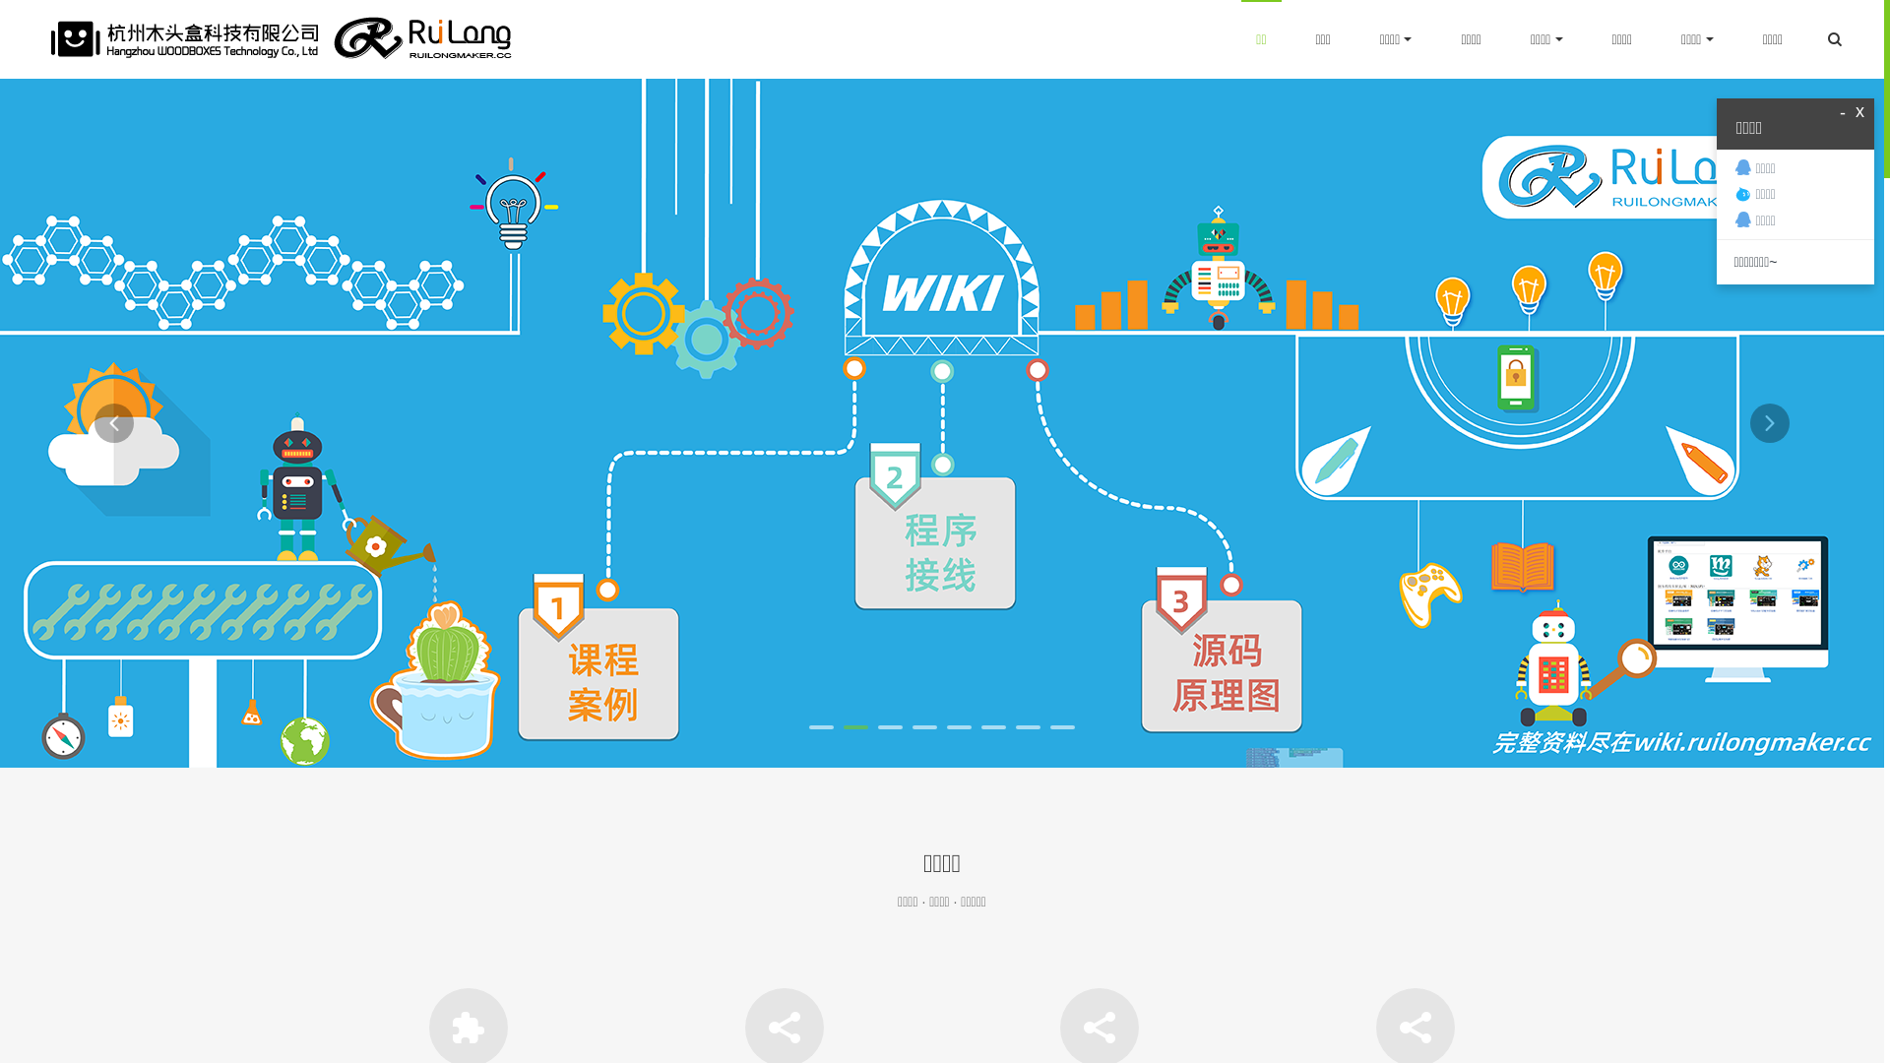 Image resolution: width=1890 pixels, height=1063 pixels. Describe the element at coordinates (1838, 113) in the screenshot. I see `'-'` at that location.